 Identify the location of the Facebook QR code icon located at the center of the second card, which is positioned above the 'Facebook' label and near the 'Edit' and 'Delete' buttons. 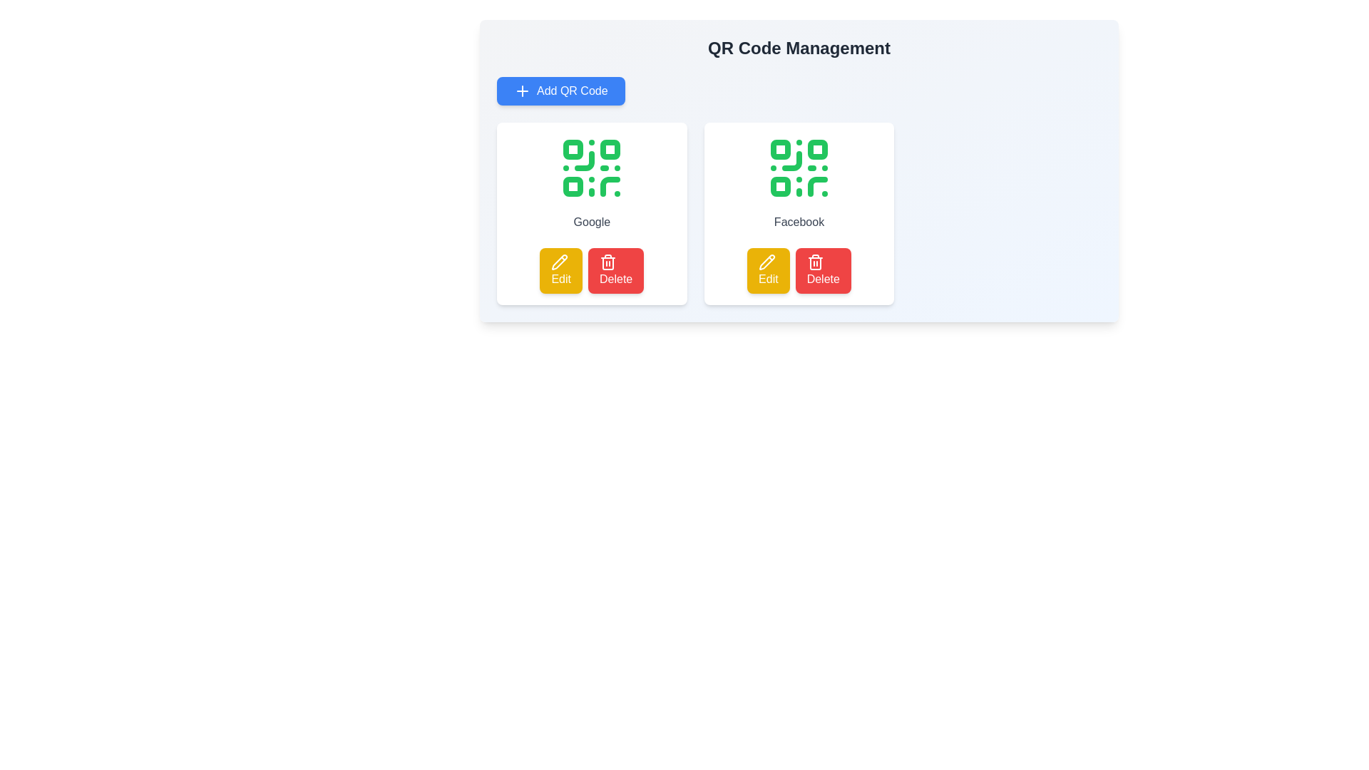
(799, 167).